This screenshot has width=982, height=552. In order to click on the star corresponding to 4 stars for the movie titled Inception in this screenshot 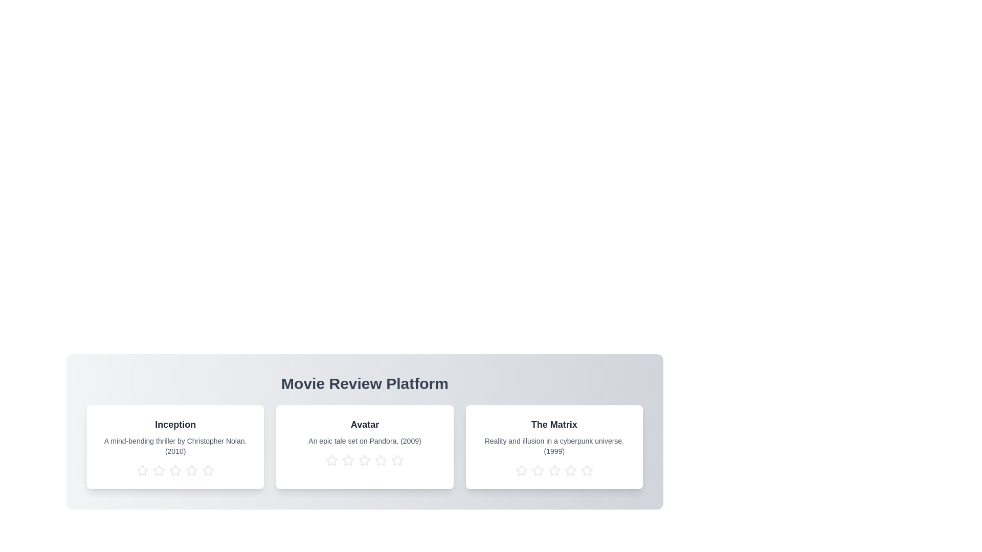, I will do `click(191, 471)`.